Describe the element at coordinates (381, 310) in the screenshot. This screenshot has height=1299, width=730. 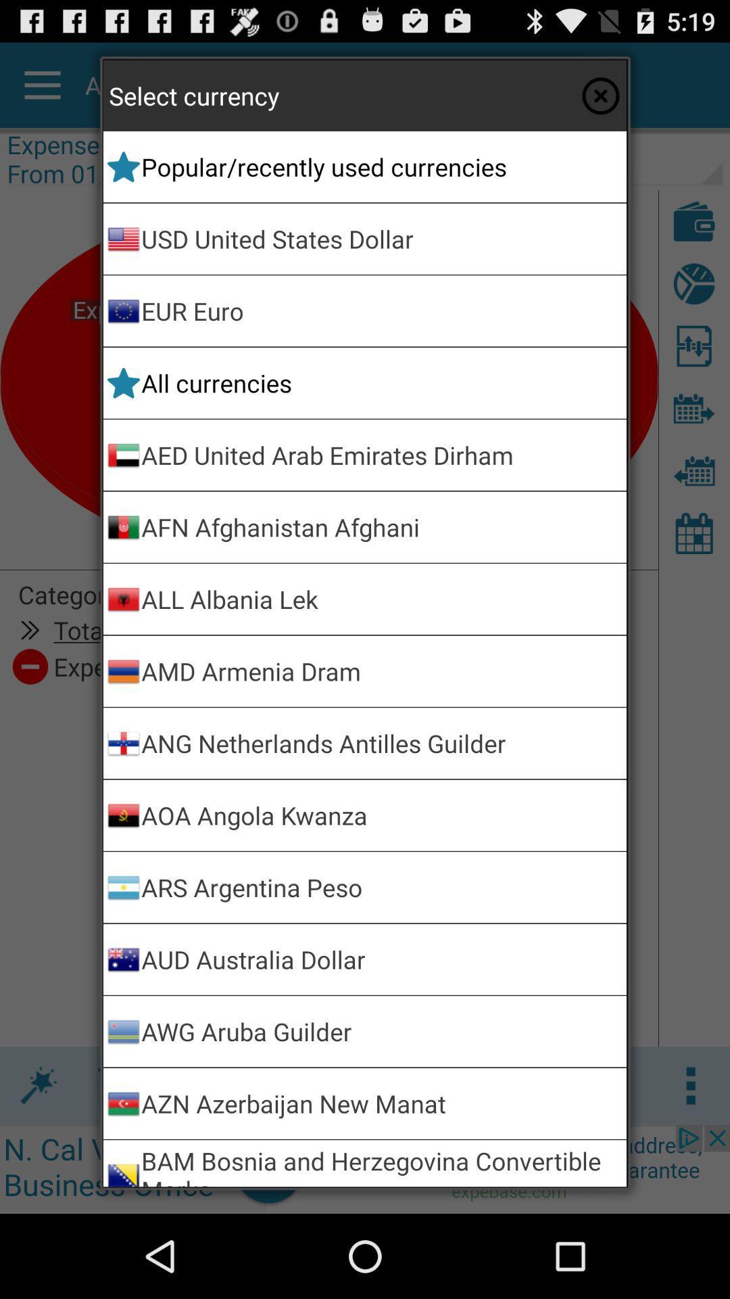
I see `app above the all currencies icon` at that location.